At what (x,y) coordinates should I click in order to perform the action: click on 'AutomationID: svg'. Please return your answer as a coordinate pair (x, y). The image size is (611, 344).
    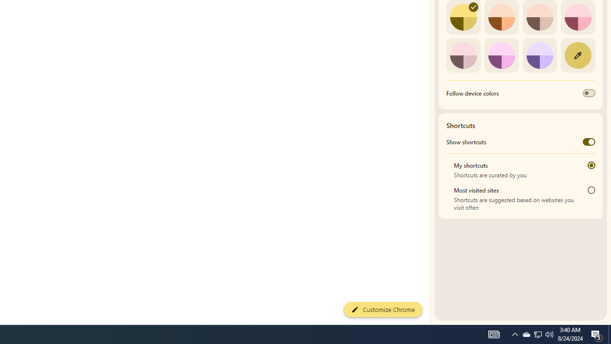
    Looking at the image, I should click on (474, 7).